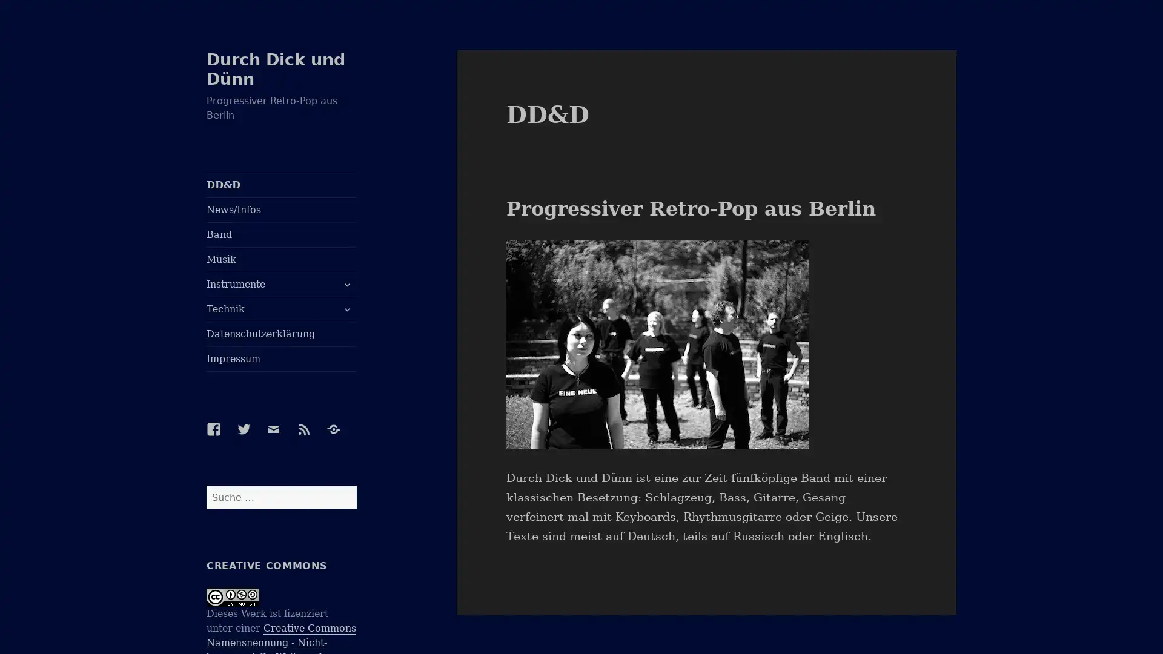 Image resolution: width=1163 pixels, height=654 pixels. I want to click on untermenu anzeigen, so click(345, 308).